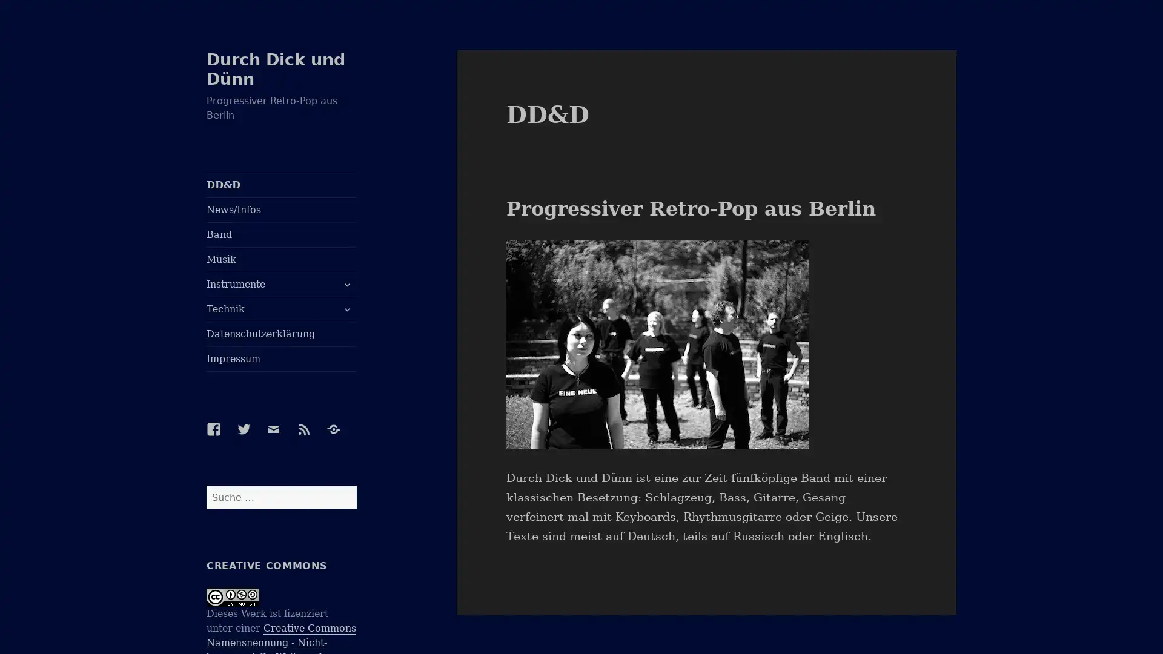 Image resolution: width=1163 pixels, height=654 pixels. I want to click on untermenu anzeigen, so click(345, 308).